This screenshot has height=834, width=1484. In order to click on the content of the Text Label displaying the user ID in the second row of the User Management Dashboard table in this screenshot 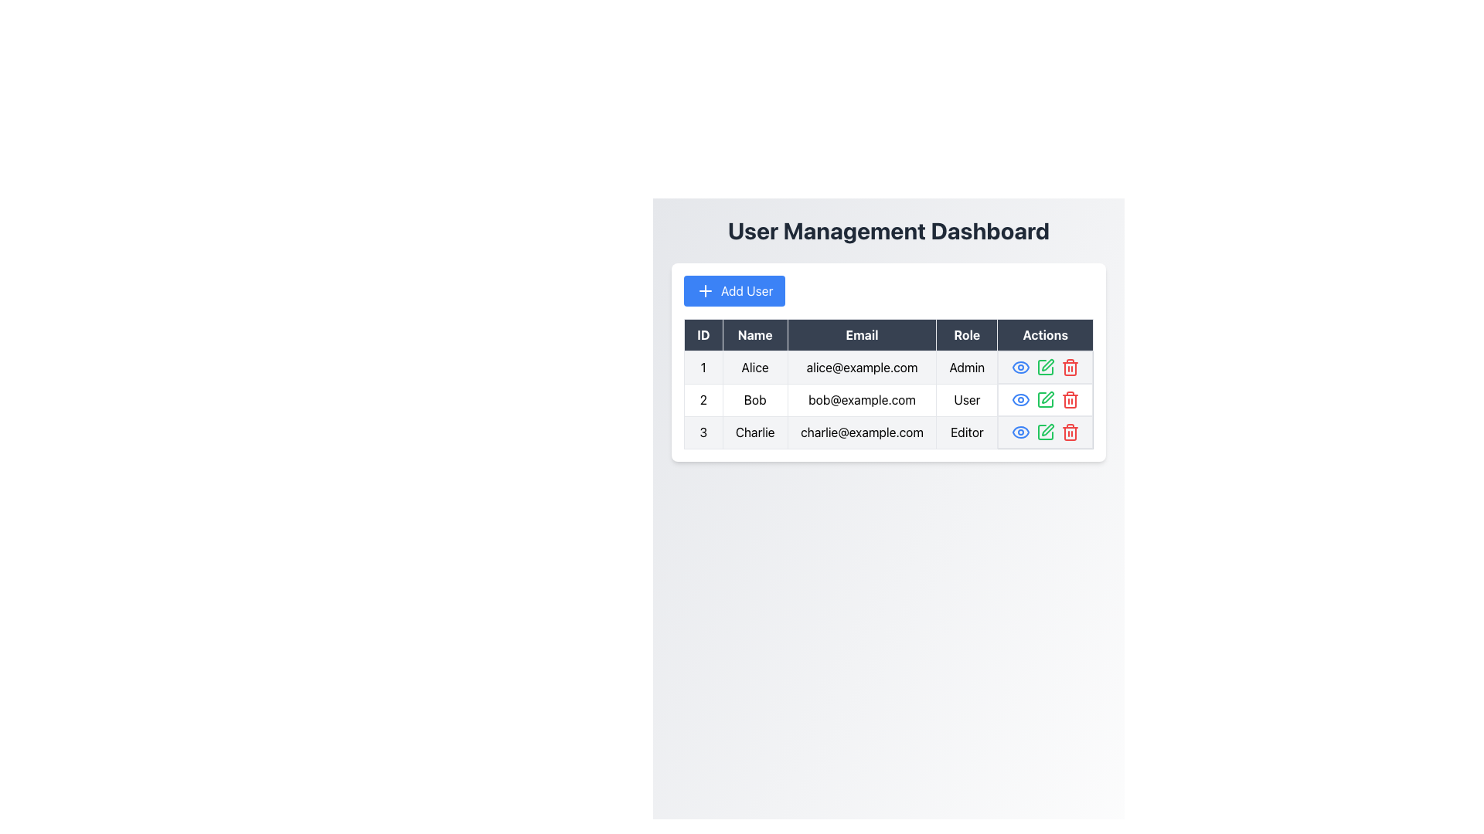, I will do `click(703, 398)`.